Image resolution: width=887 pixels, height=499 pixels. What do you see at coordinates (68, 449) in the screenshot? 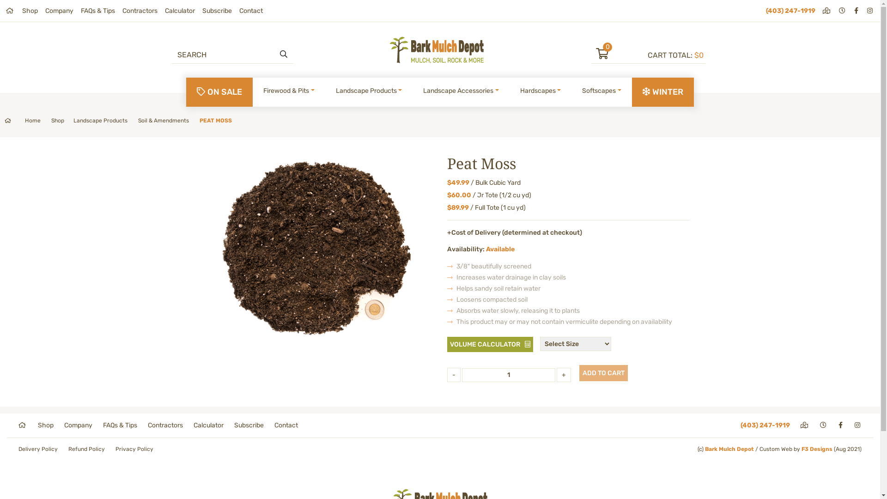
I see `'Refund Policy'` at bounding box center [68, 449].